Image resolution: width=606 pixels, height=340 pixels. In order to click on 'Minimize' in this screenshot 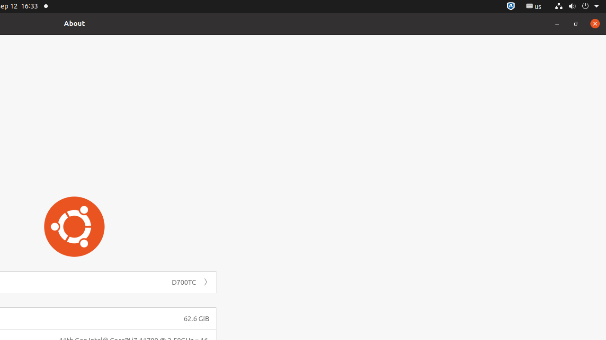, I will do `click(557, 23)`.